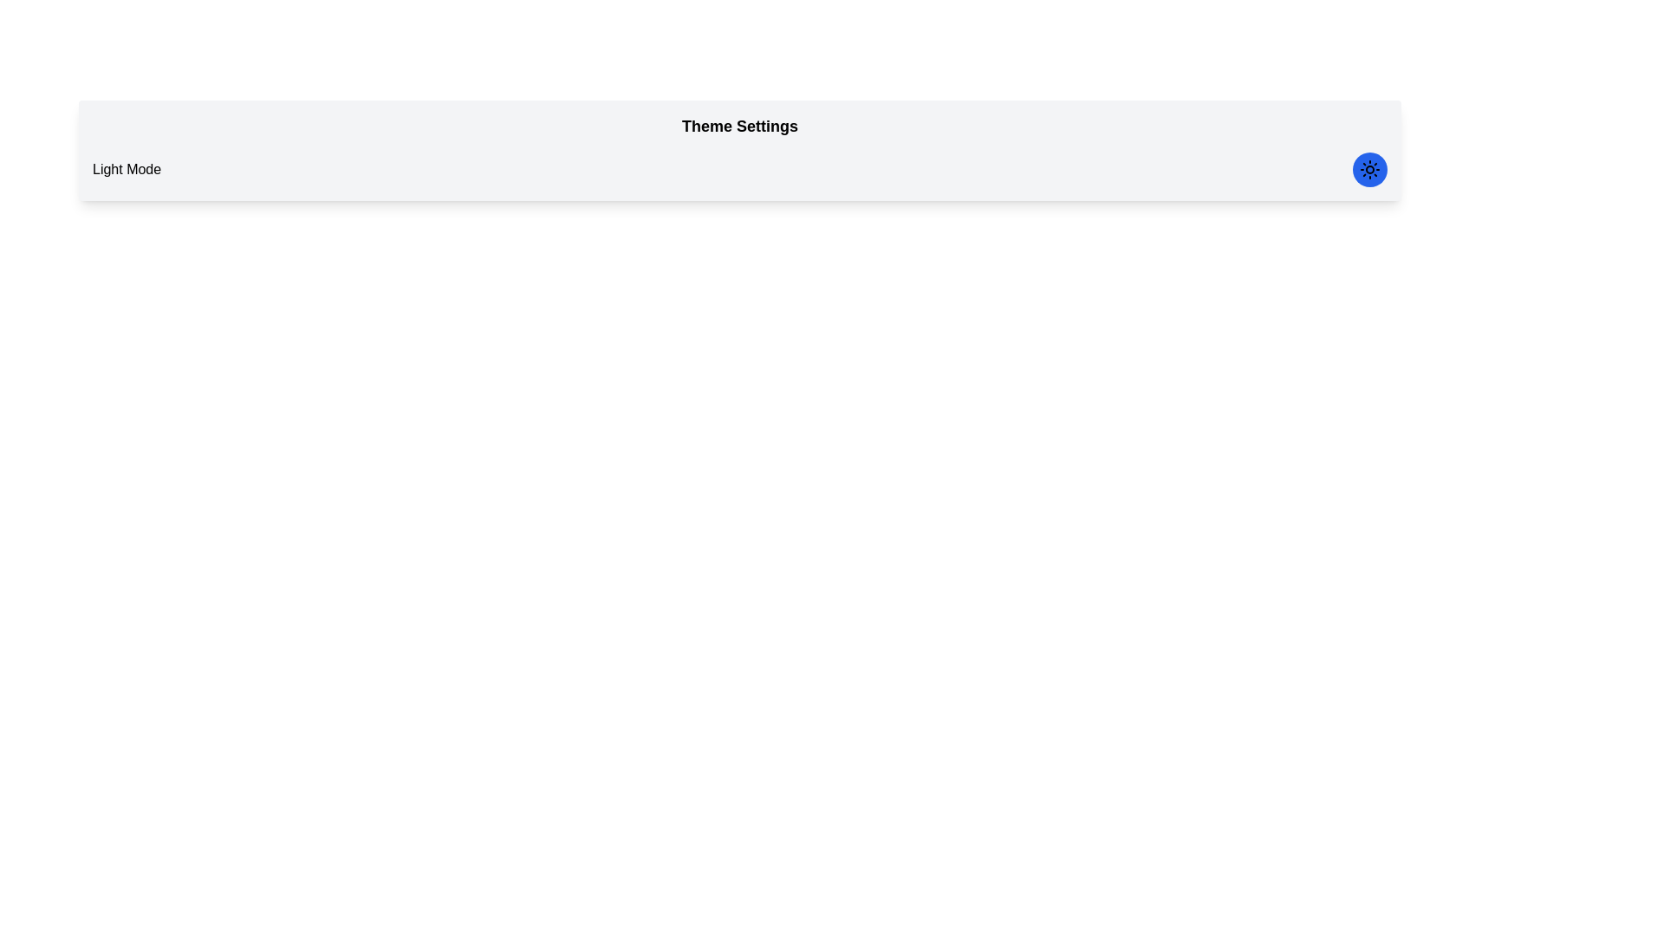 Image resolution: width=1664 pixels, height=936 pixels. What do you see at coordinates (1368, 170) in the screenshot?
I see `the circular interactive button with a blue background and a sunburst icon` at bounding box center [1368, 170].